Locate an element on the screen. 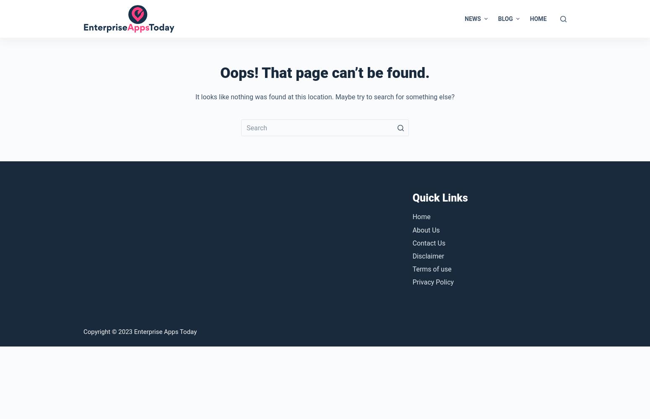  'News' is located at coordinates (472, 18).